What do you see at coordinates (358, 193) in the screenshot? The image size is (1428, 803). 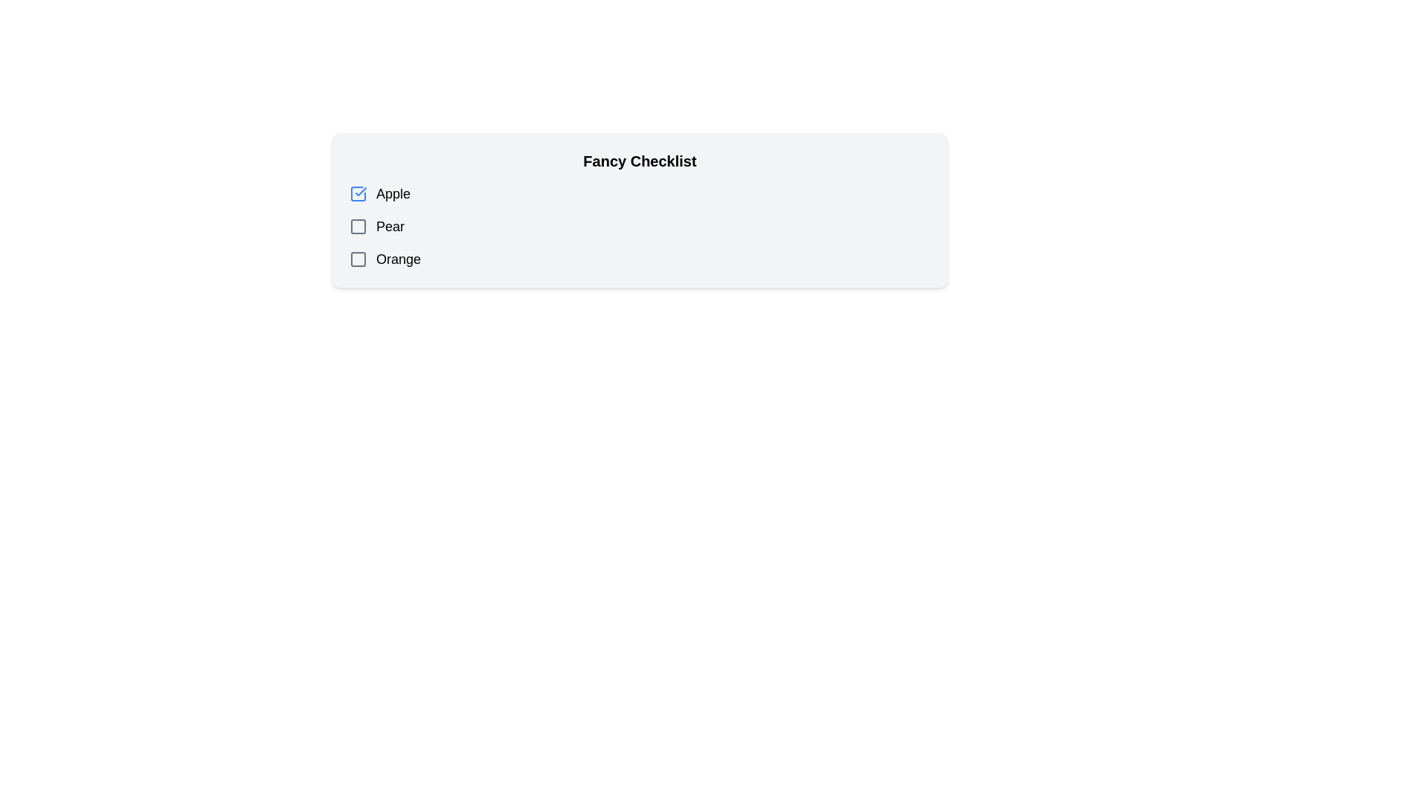 I see `the checkbox associated with the label 'Apple'` at bounding box center [358, 193].